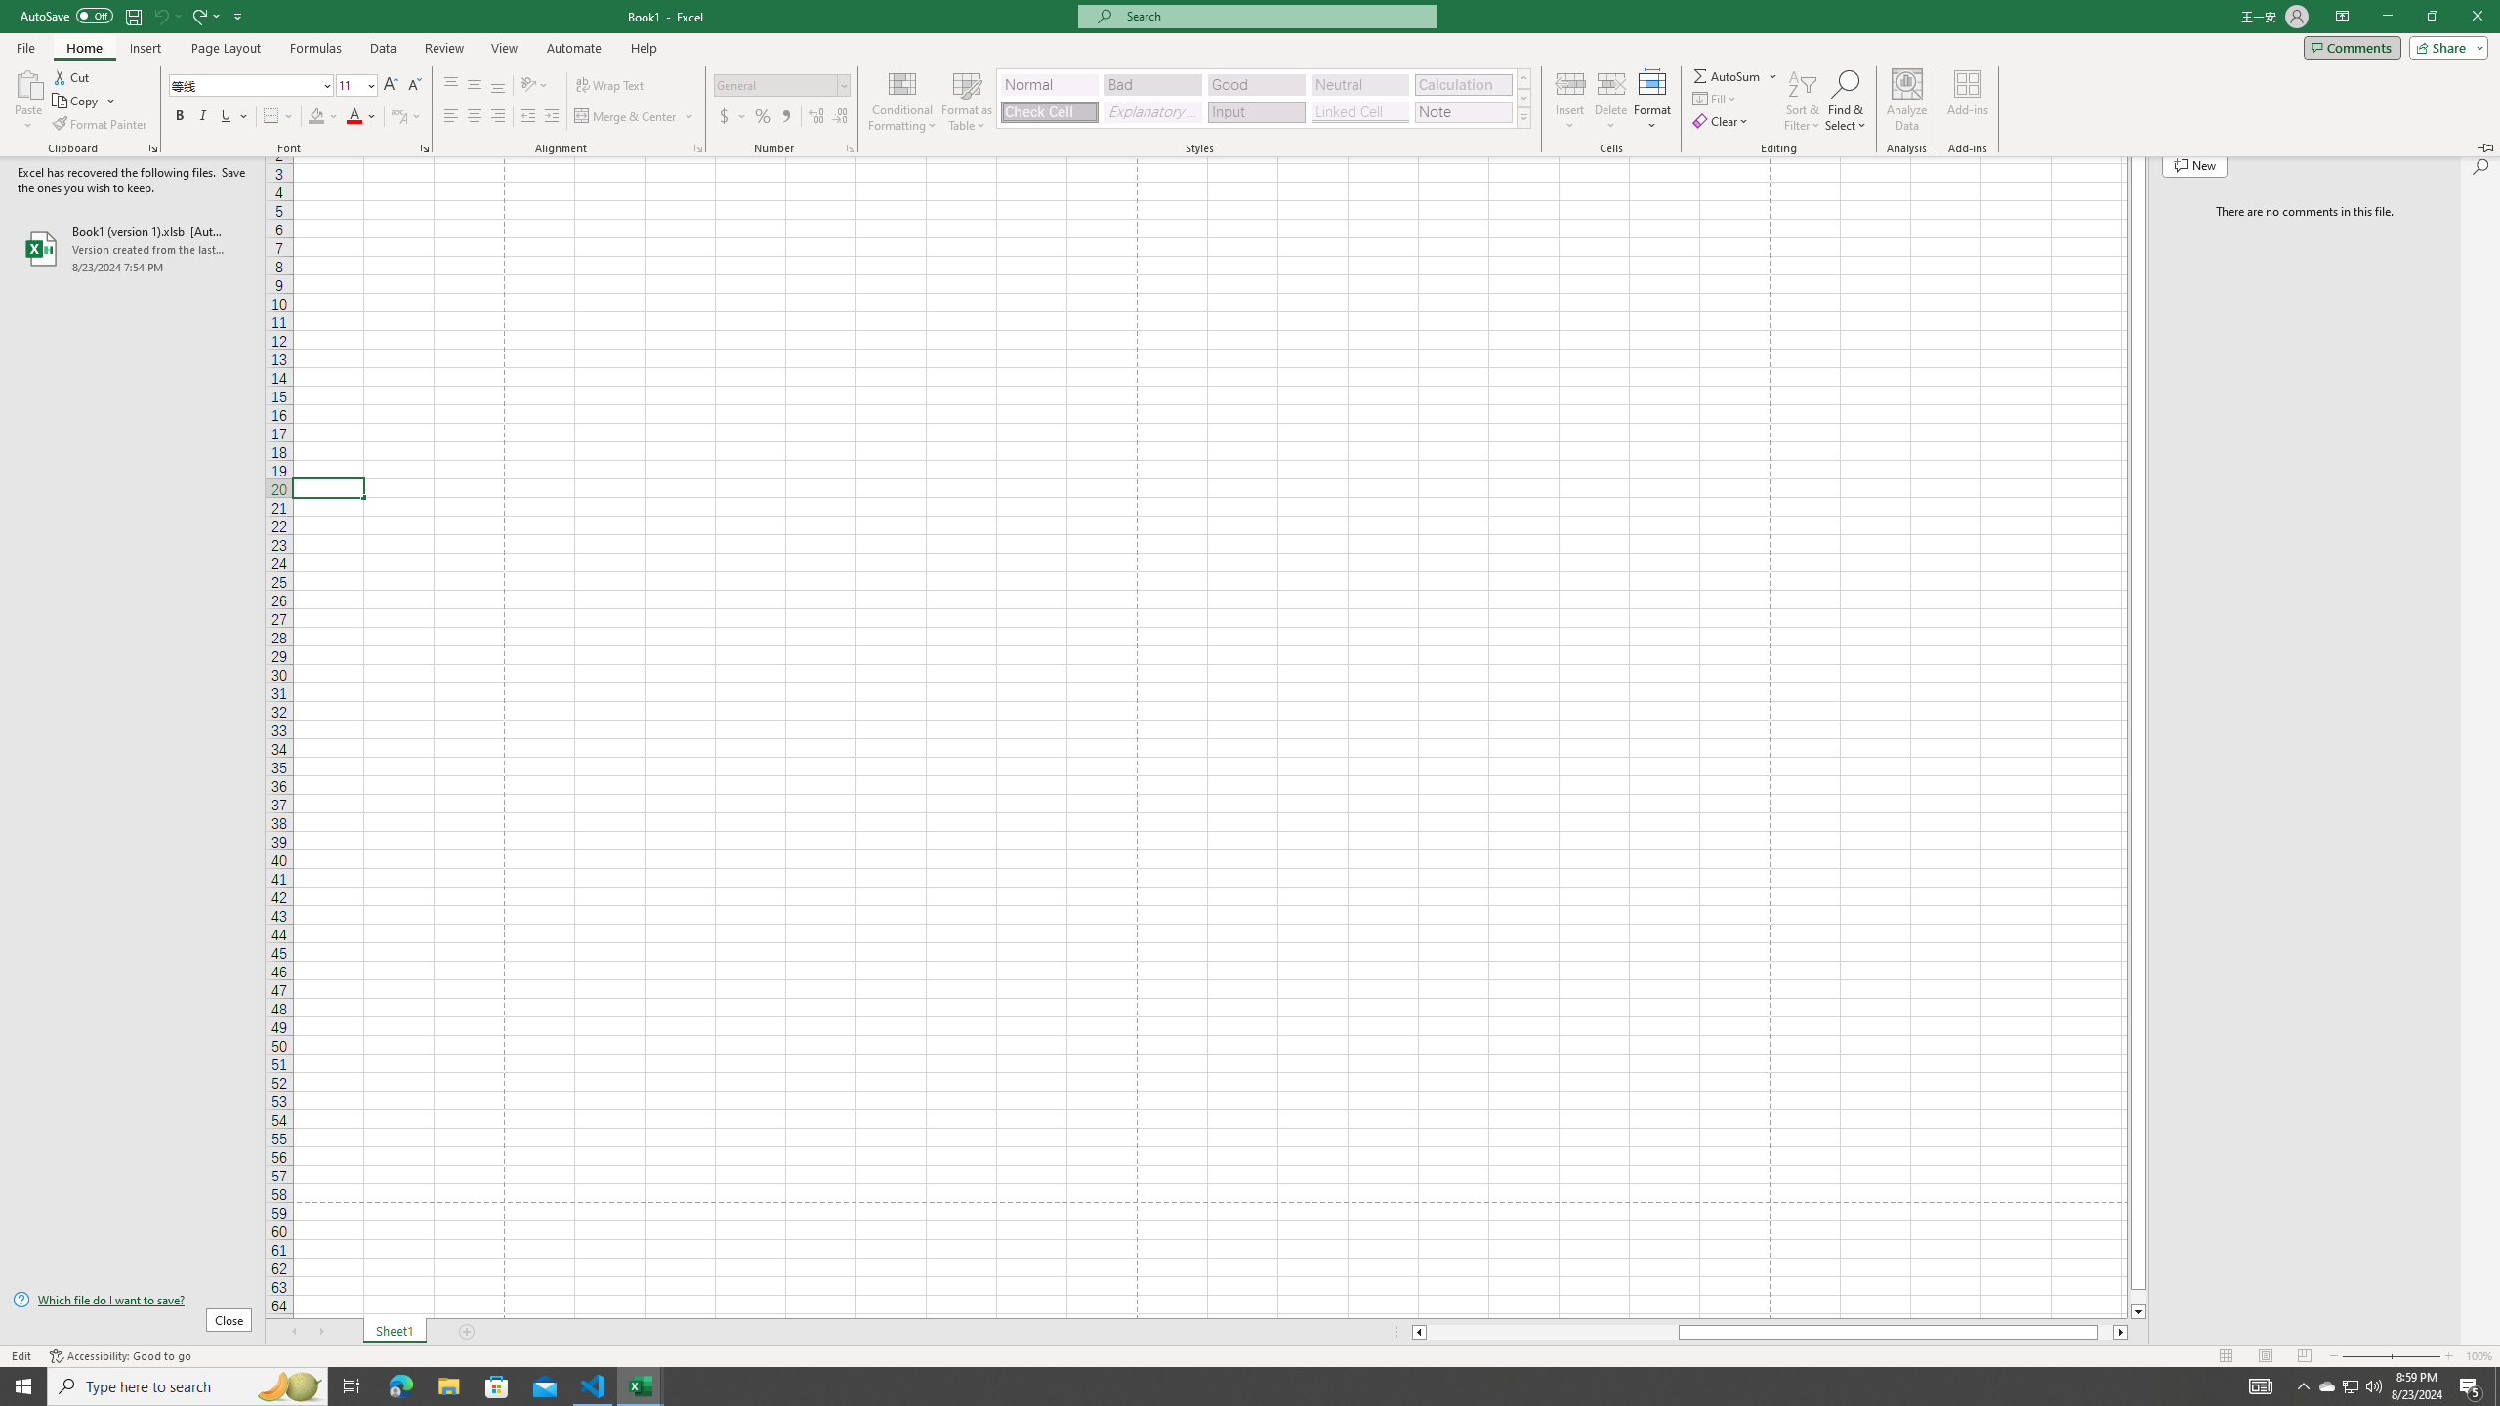 This screenshot has height=1406, width=2500. Describe the element at coordinates (187, 1385) in the screenshot. I see `'Type here to search'` at that location.